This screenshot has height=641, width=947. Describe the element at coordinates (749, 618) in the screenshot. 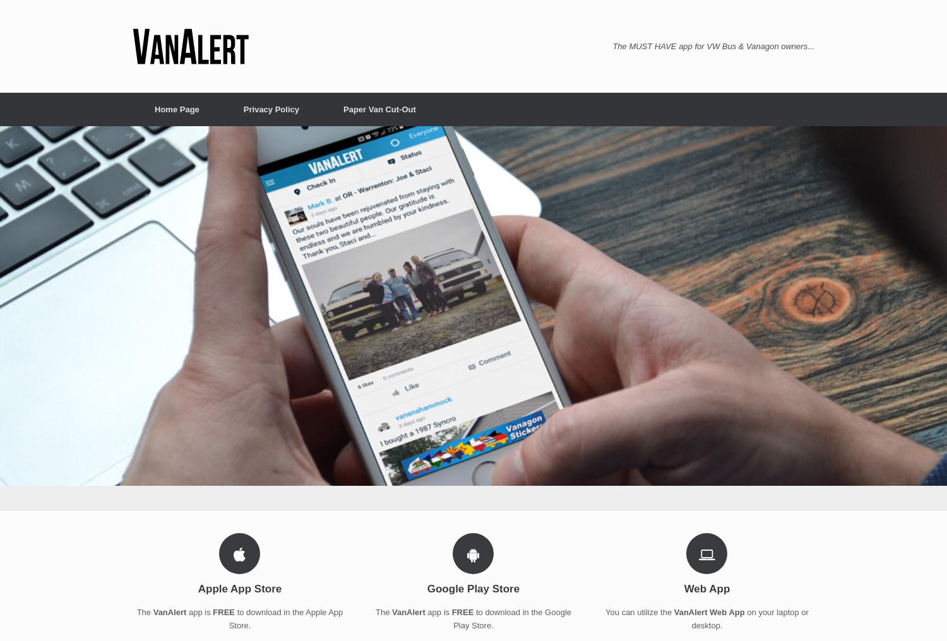

I see `'on your laptop or desktop.'` at that location.